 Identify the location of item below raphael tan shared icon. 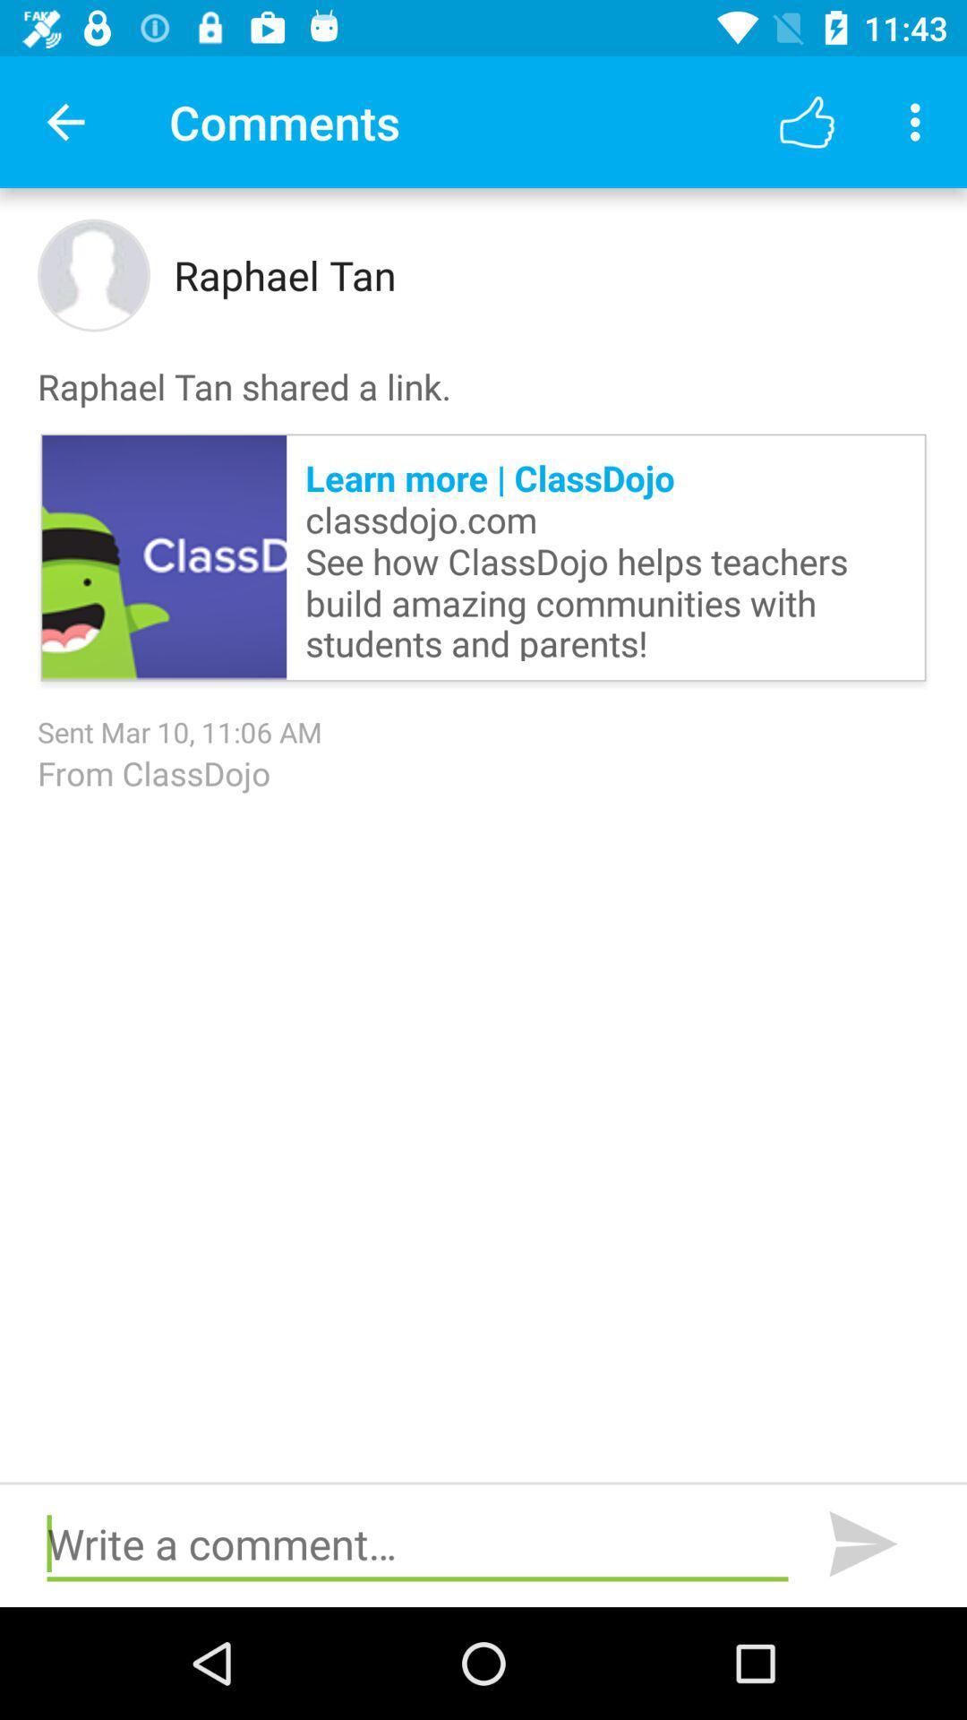
(164, 556).